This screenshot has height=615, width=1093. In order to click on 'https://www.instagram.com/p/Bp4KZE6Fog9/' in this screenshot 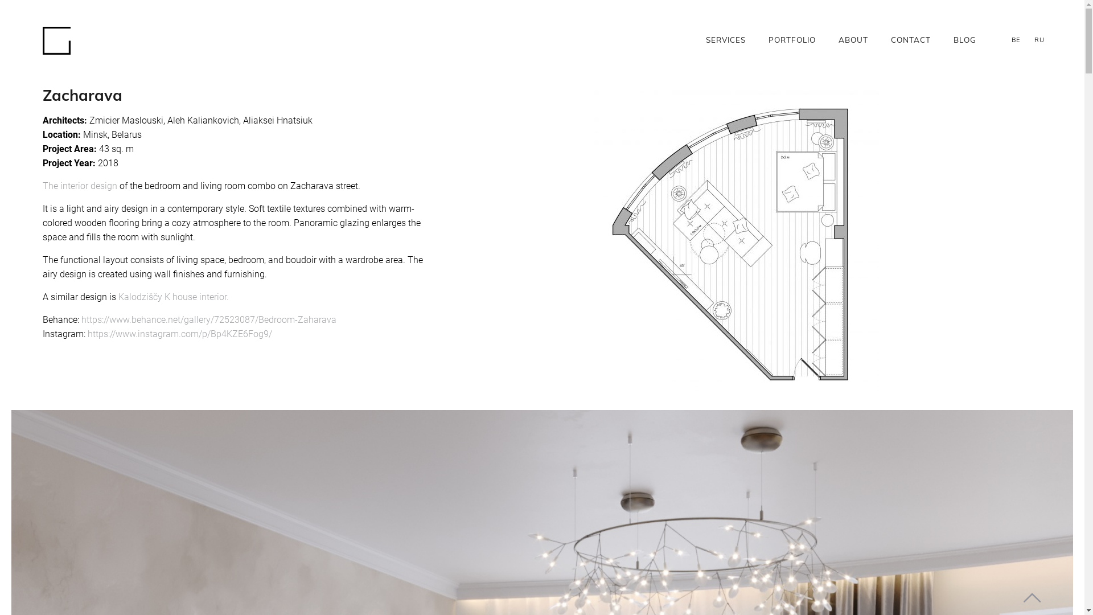, I will do `click(179, 333)`.